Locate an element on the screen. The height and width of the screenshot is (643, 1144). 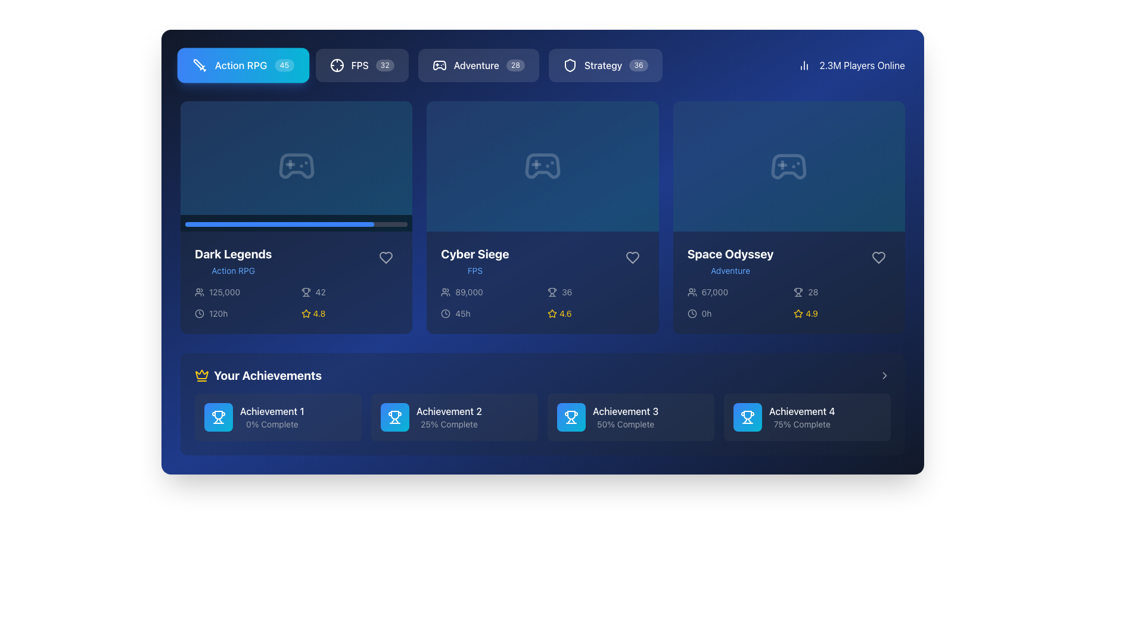
the iconic geometric shape resembling a triangular arrow-like structure located in the top-left corner of the interface within the 'Action RPG' tab is located at coordinates (198, 64).